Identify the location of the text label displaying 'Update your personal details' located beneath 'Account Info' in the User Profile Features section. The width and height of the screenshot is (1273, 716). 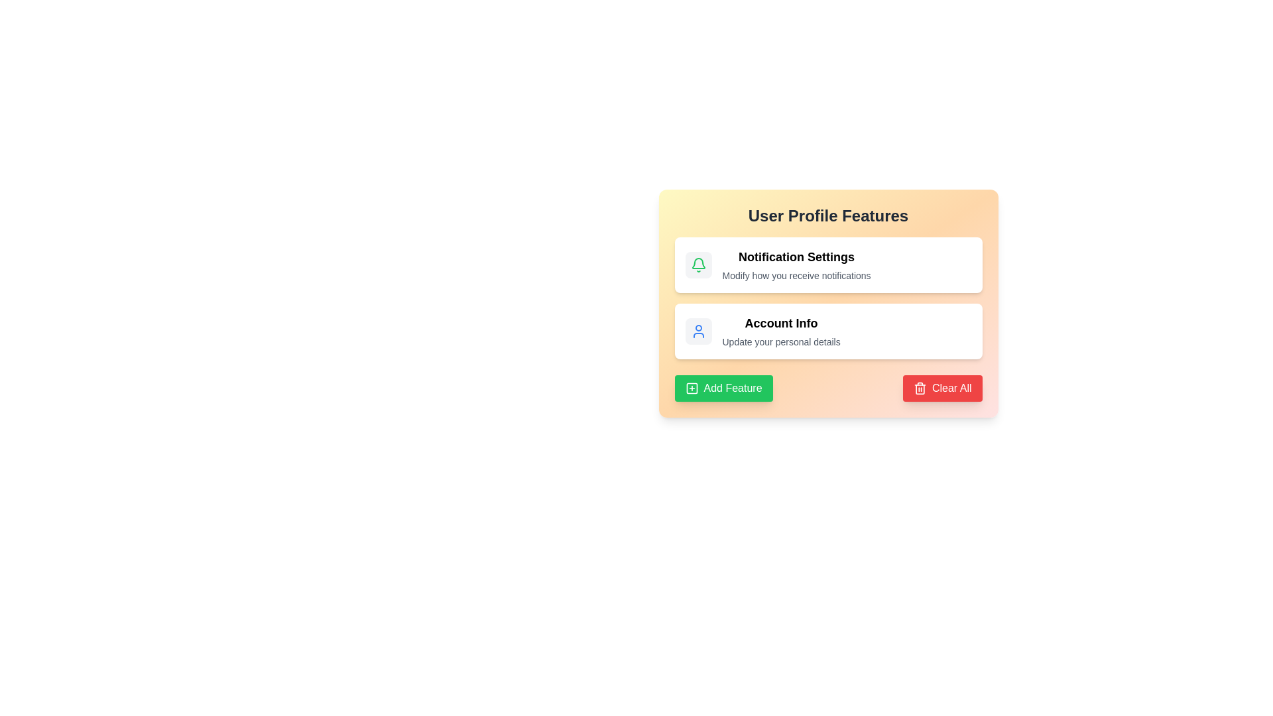
(781, 341).